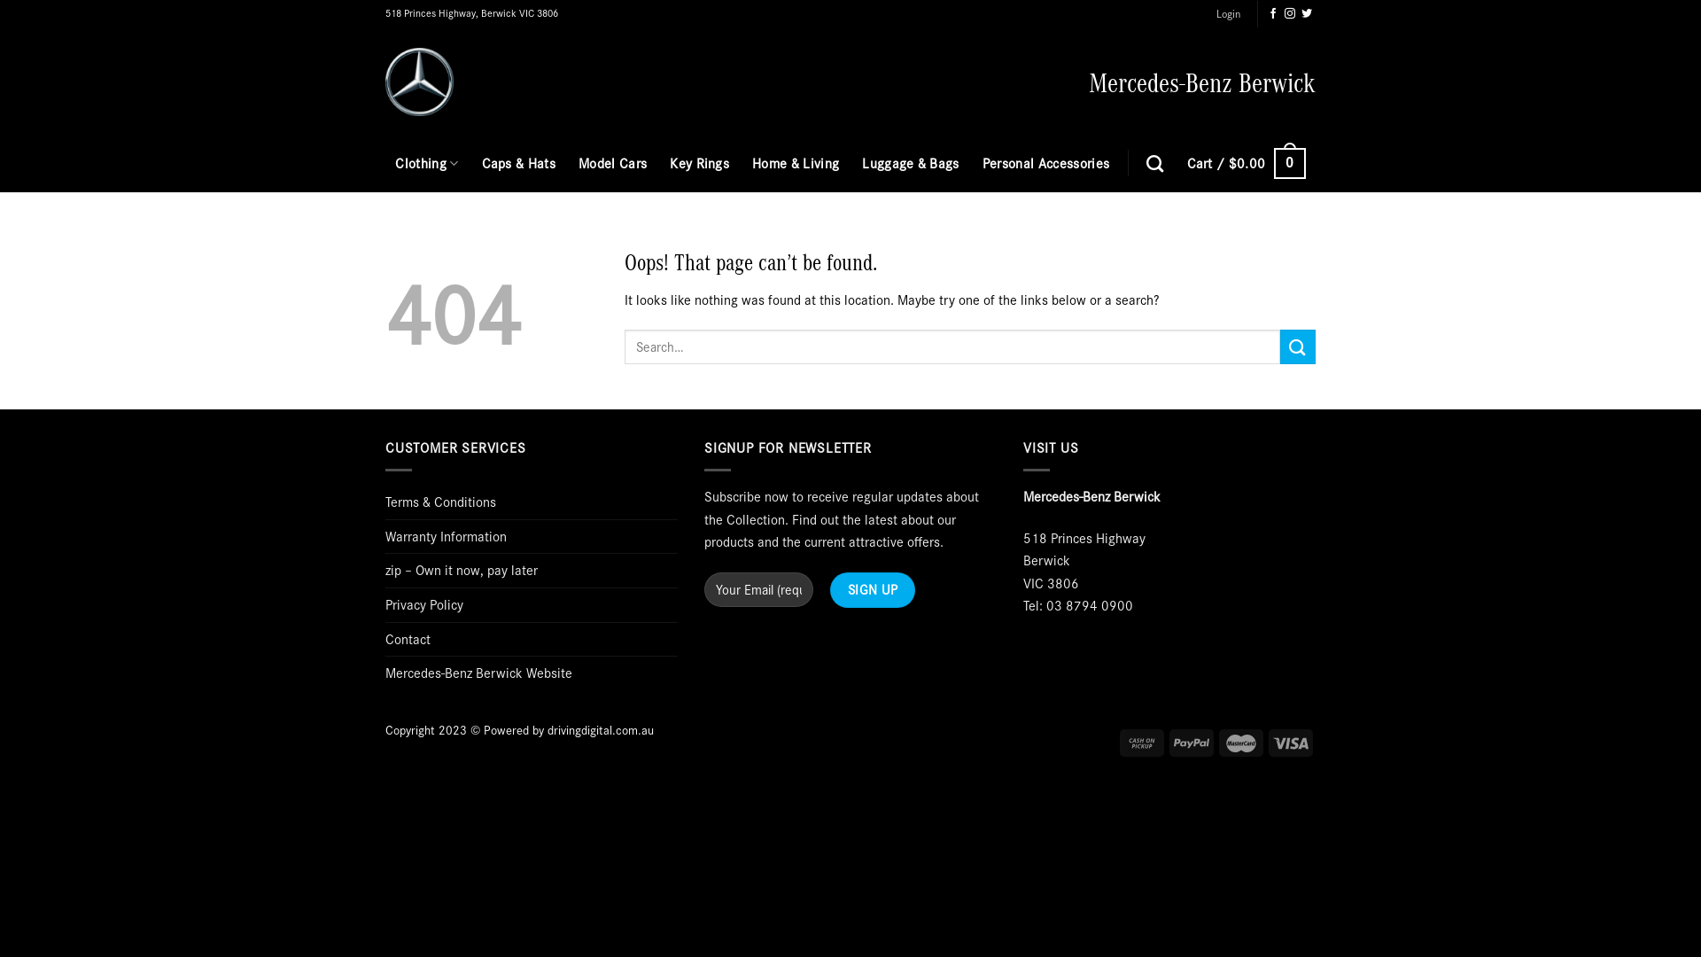 The height and width of the screenshot is (957, 1701). I want to click on 'Mercedes-Benz Berwick Website', so click(384, 673).